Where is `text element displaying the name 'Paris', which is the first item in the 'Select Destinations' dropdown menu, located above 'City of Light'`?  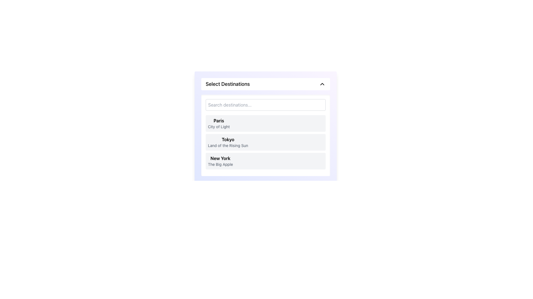 text element displaying the name 'Paris', which is the first item in the 'Select Destinations' dropdown menu, located above 'City of Light' is located at coordinates (218, 120).